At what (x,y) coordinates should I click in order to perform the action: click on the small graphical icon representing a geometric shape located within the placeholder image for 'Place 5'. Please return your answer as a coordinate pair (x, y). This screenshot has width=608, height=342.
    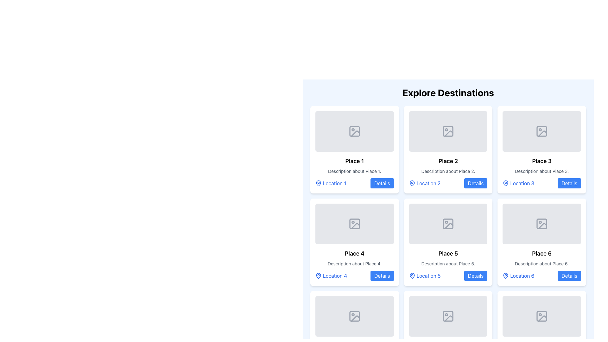
    Looking at the image, I should click on (448, 225).